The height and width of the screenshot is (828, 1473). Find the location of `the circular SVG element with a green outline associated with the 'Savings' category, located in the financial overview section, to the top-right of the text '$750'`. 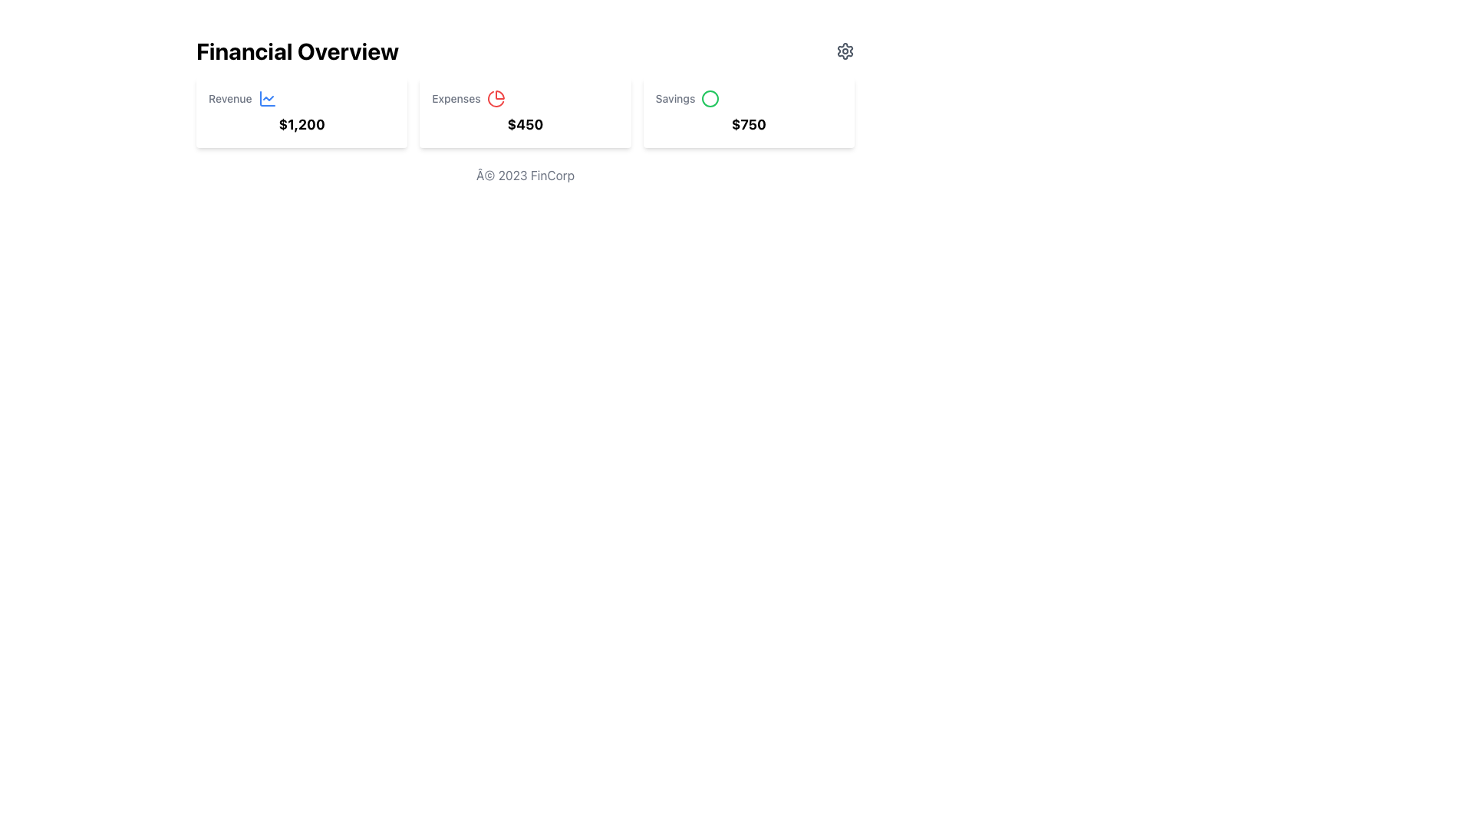

the circular SVG element with a green outline associated with the 'Savings' category, located in the financial overview section, to the top-right of the text '$750' is located at coordinates (710, 98).